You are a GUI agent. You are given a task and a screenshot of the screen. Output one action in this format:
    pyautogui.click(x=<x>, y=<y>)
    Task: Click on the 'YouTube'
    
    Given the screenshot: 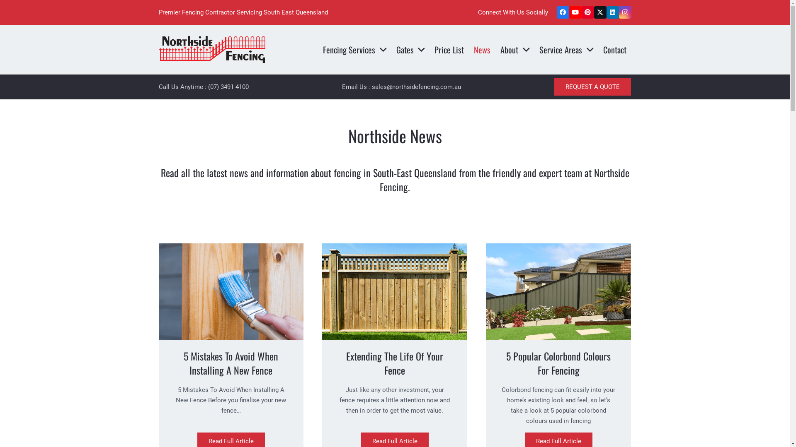 What is the action you would take?
    pyautogui.click(x=575, y=12)
    